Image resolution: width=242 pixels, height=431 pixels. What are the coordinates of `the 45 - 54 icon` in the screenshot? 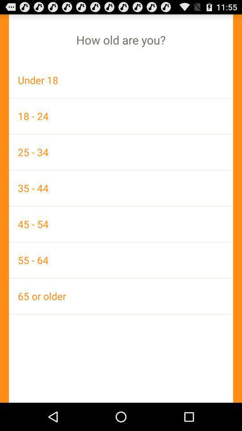 It's located at (121, 224).